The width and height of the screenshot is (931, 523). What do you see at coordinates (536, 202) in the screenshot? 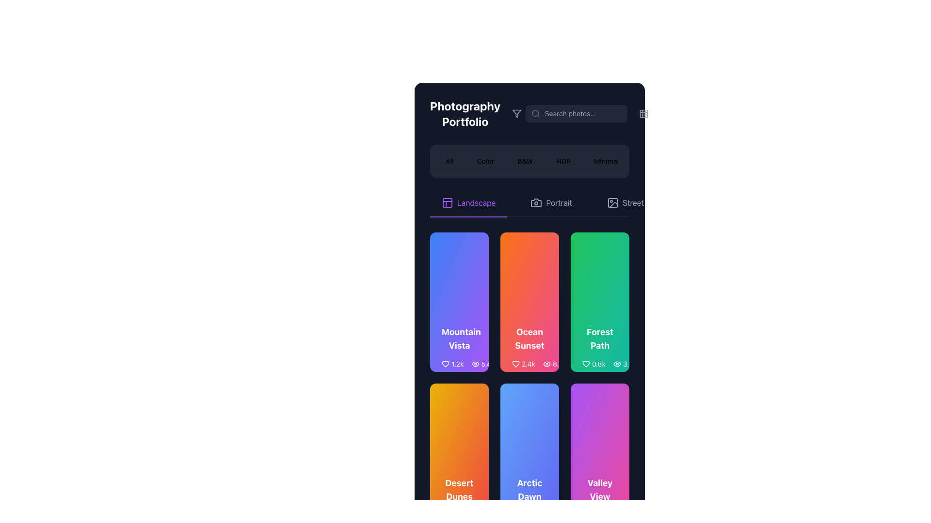
I see `the 'Portrait' category icon located in the navigation bar` at bounding box center [536, 202].